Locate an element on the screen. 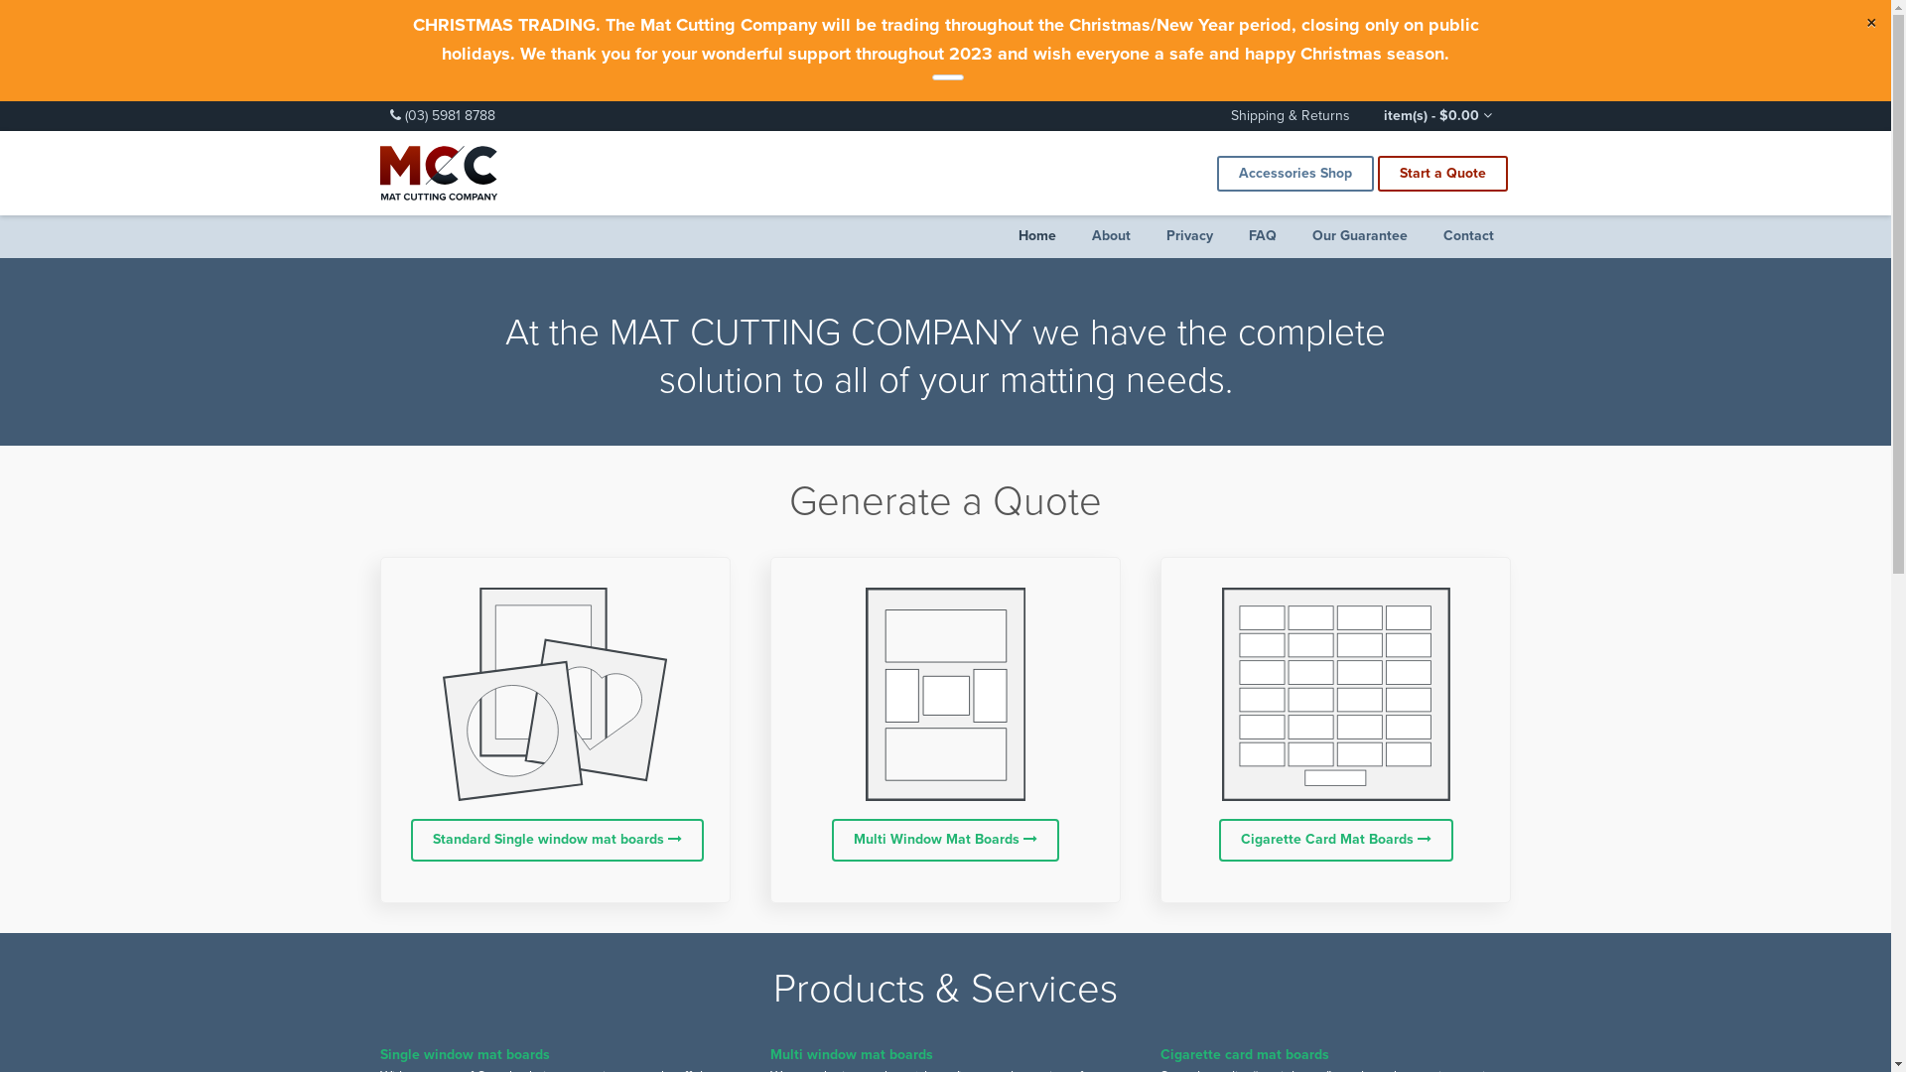 The height and width of the screenshot is (1072, 1906). 'Shipping & Returns' is located at coordinates (1219, 115).